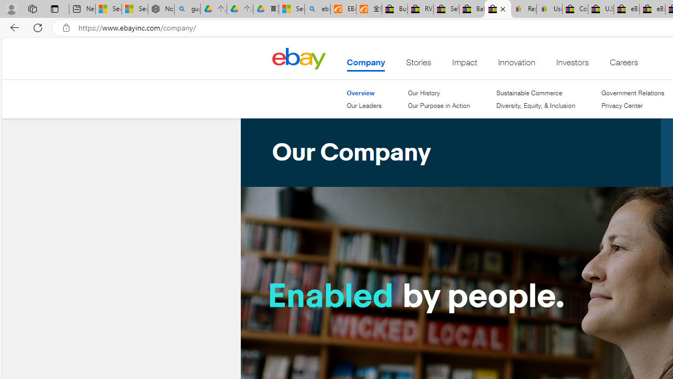 This screenshot has height=379, width=673. Describe the element at coordinates (438, 105) in the screenshot. I see `'Our Purpose in Action'` at that location.